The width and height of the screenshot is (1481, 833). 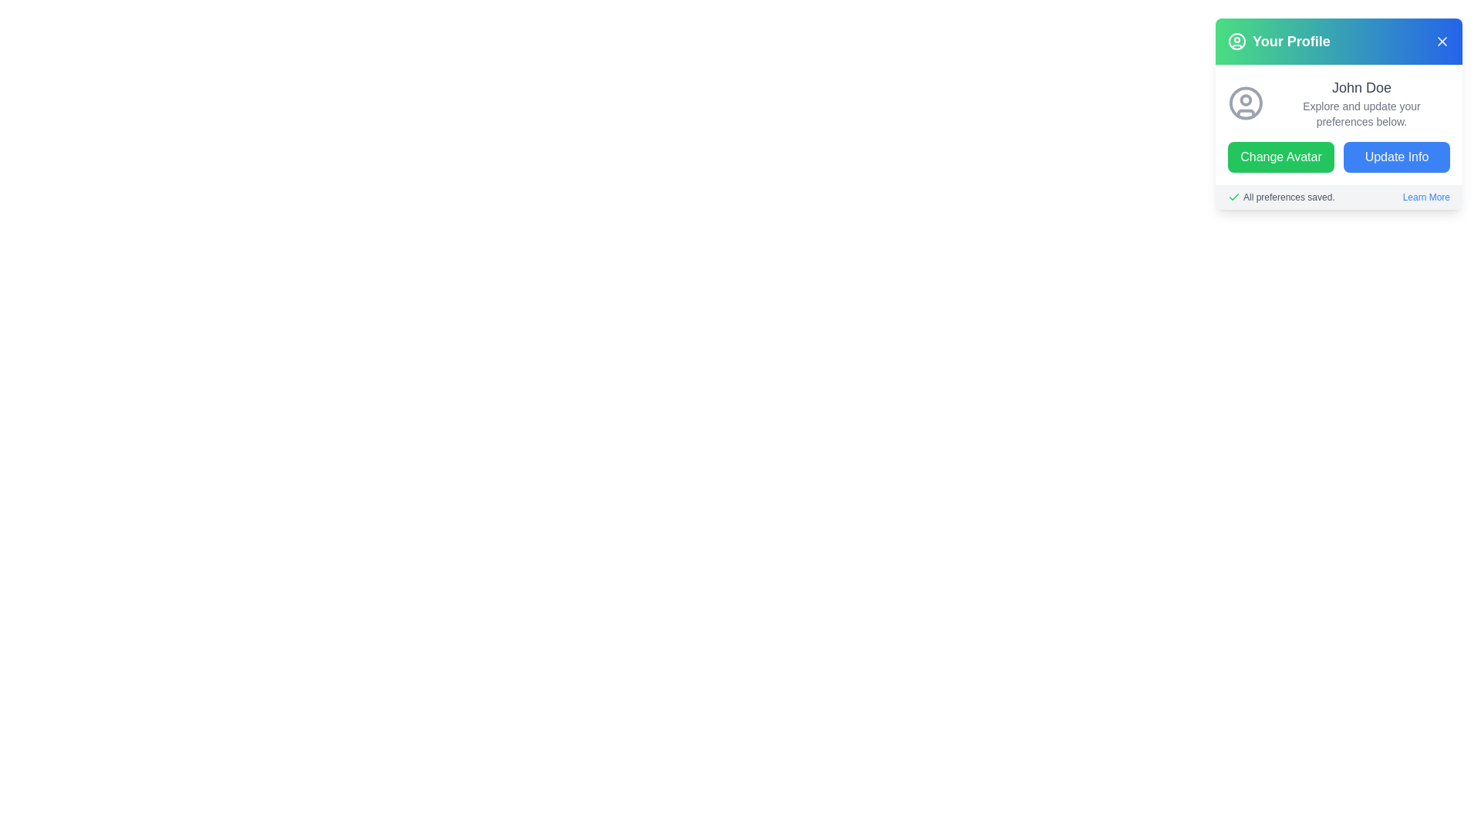 I want to click on the static text displaying 'John Doe' that is centrally positioned below the 'Your Profile' label in the profile card interface, so click(x=1361, y=88).